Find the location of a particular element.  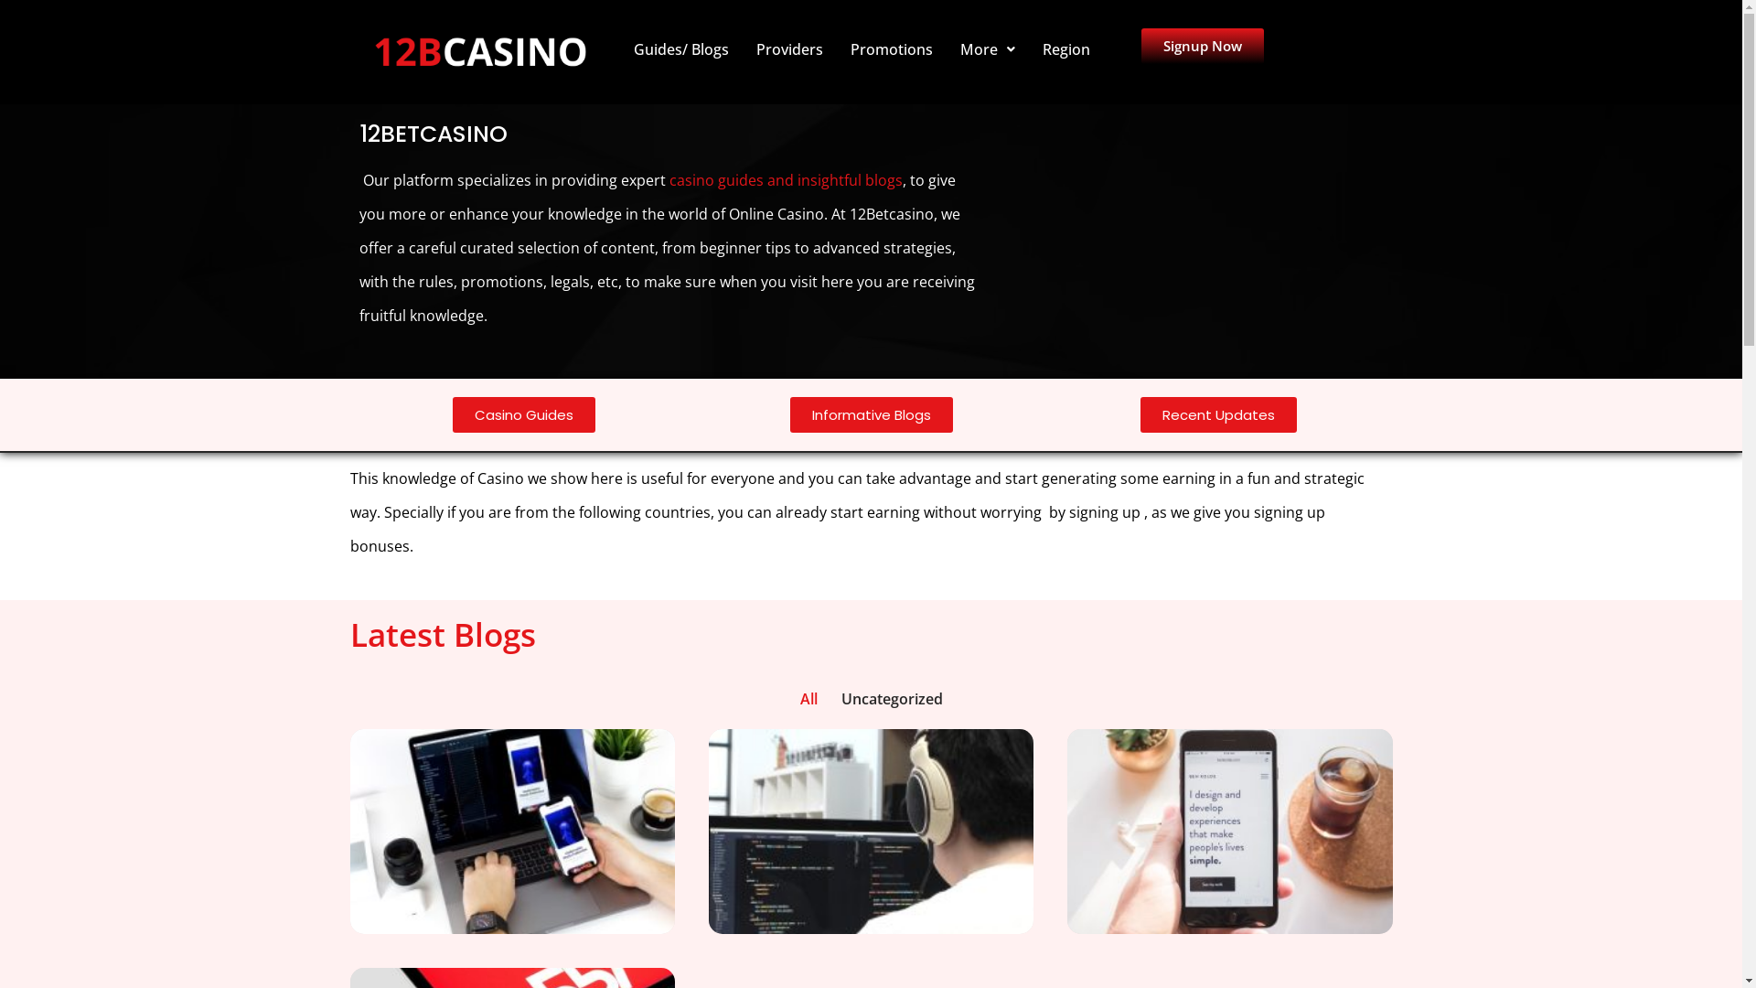

'Promotions' is located at coordinates (891, 48).